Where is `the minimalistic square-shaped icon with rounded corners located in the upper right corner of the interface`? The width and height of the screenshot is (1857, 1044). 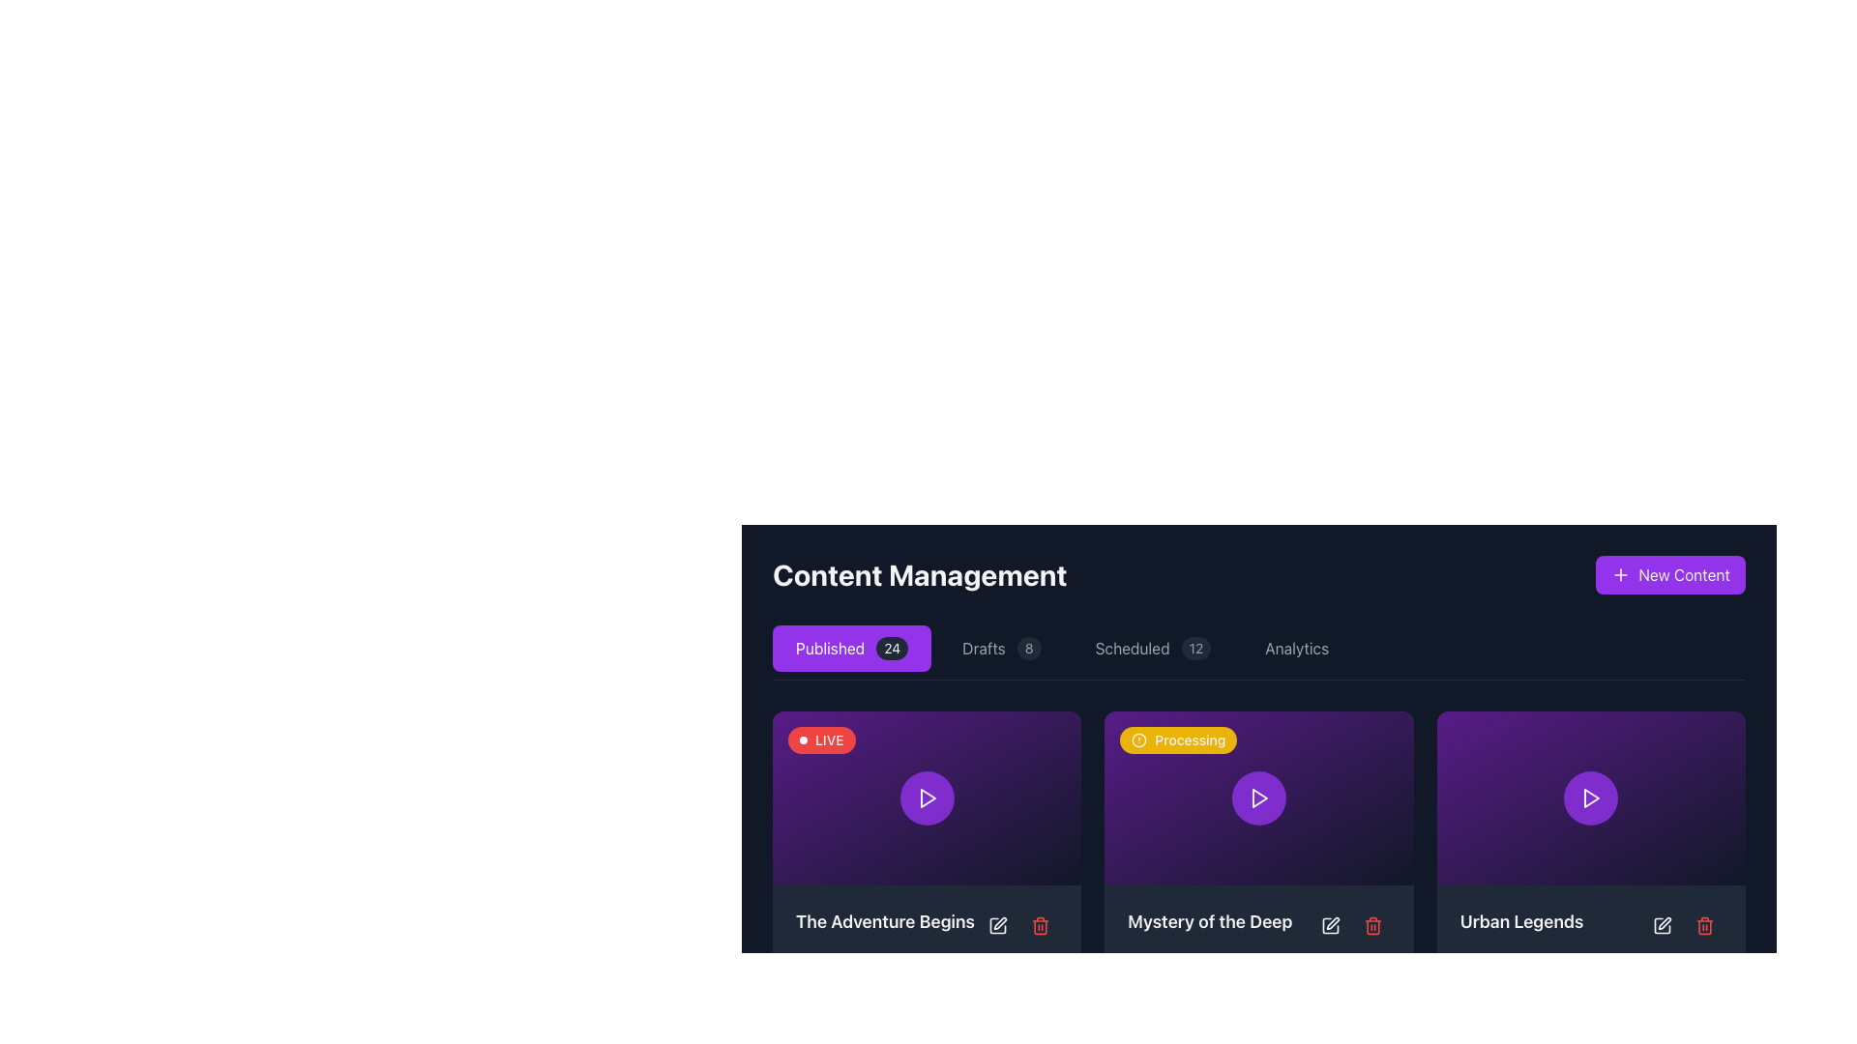
the minimalistic square-shaped icon with rounded corners located in the upper right corner of the interface is located at coordinates (998, 924).